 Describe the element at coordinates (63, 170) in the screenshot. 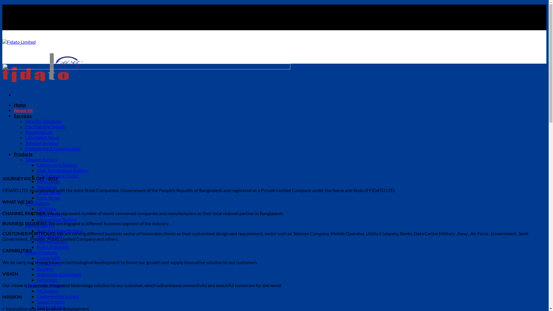

I see `'High Temperature Battery'` at that location.